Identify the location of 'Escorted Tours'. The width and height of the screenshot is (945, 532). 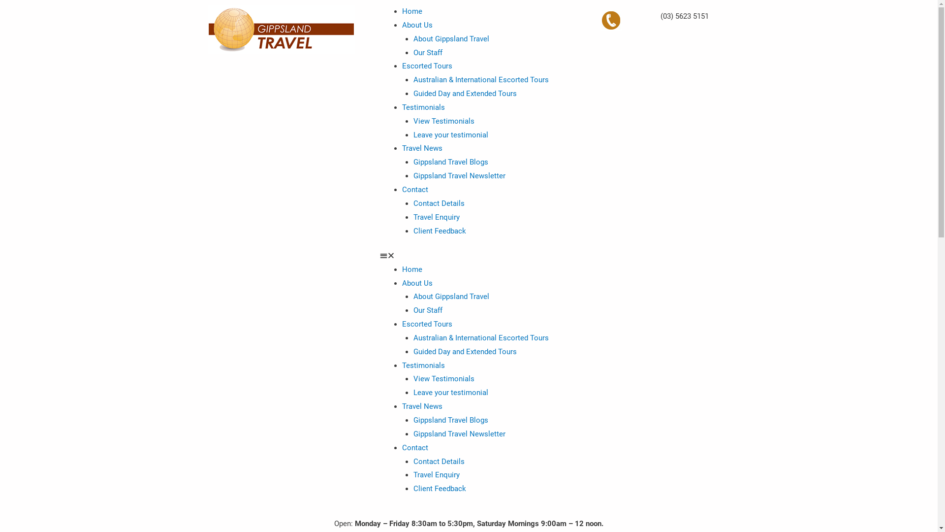
(427, 66).